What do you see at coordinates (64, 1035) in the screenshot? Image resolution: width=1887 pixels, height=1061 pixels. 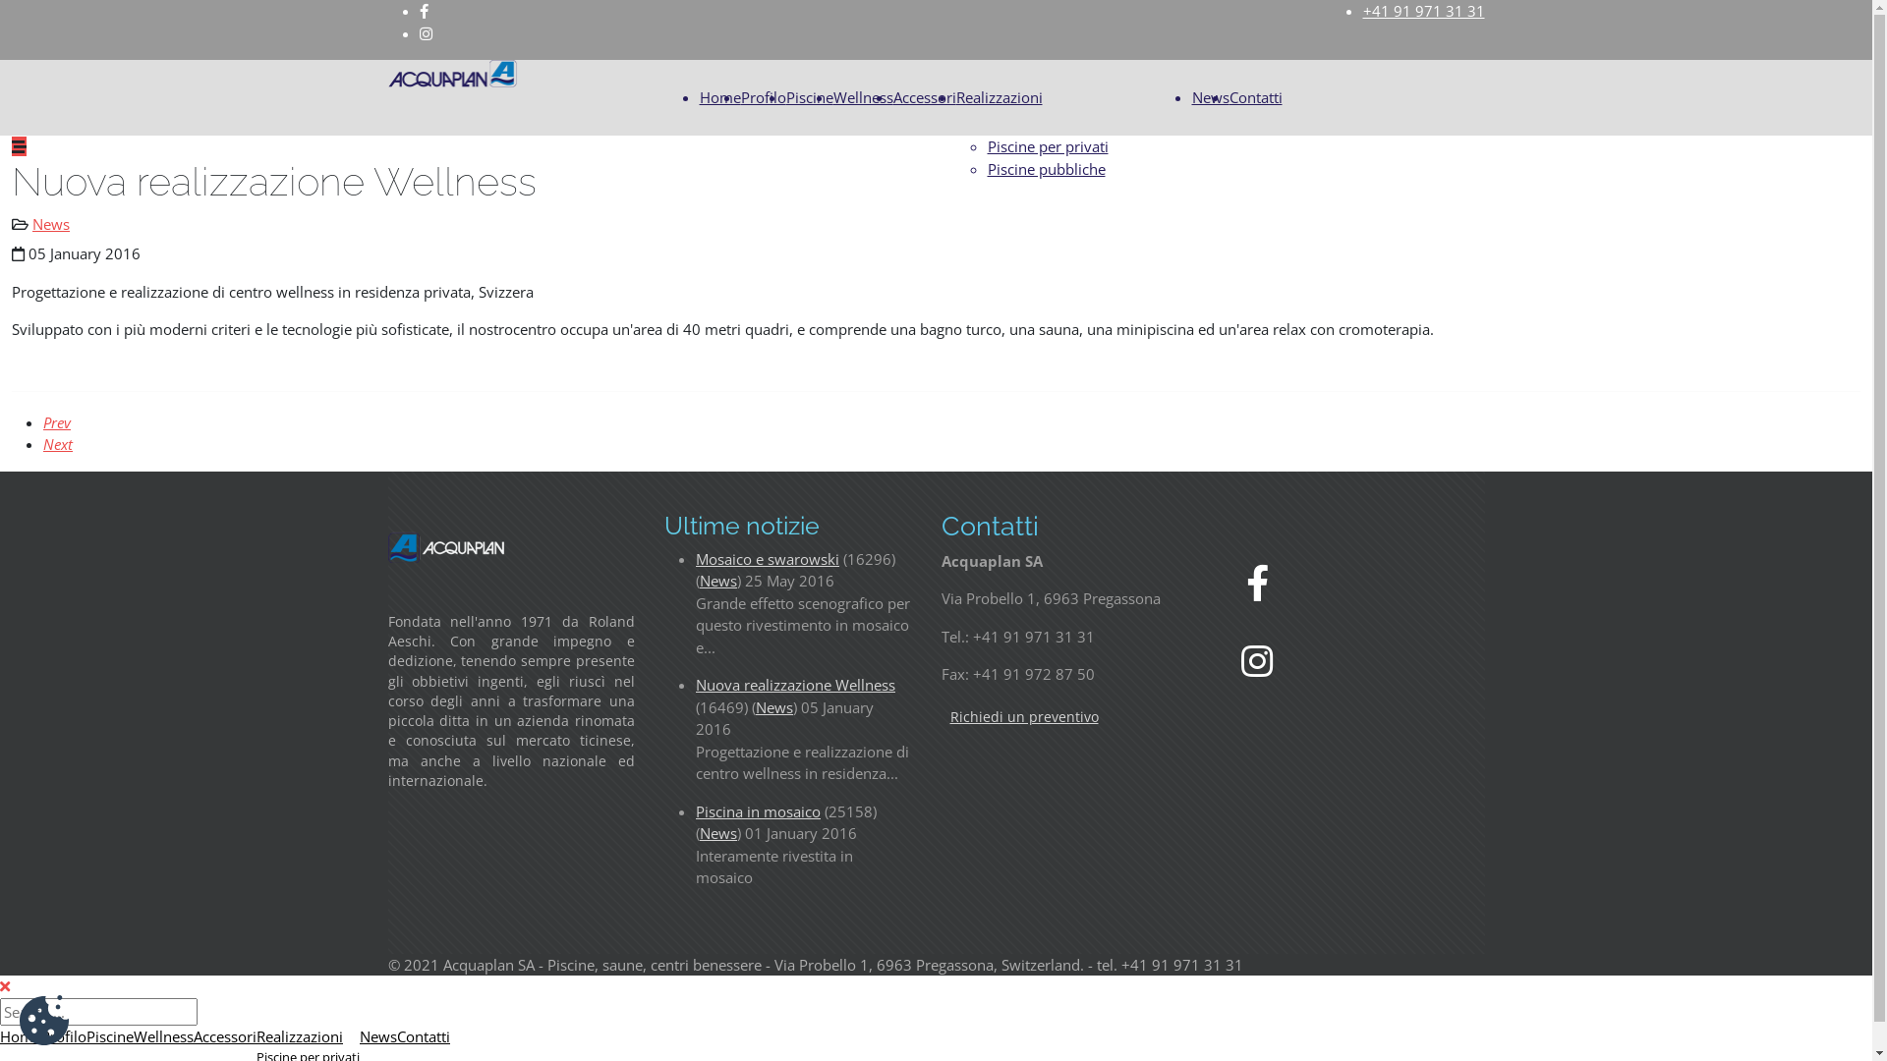 I see `'Profilo'` at bounding box center [64, 1035].